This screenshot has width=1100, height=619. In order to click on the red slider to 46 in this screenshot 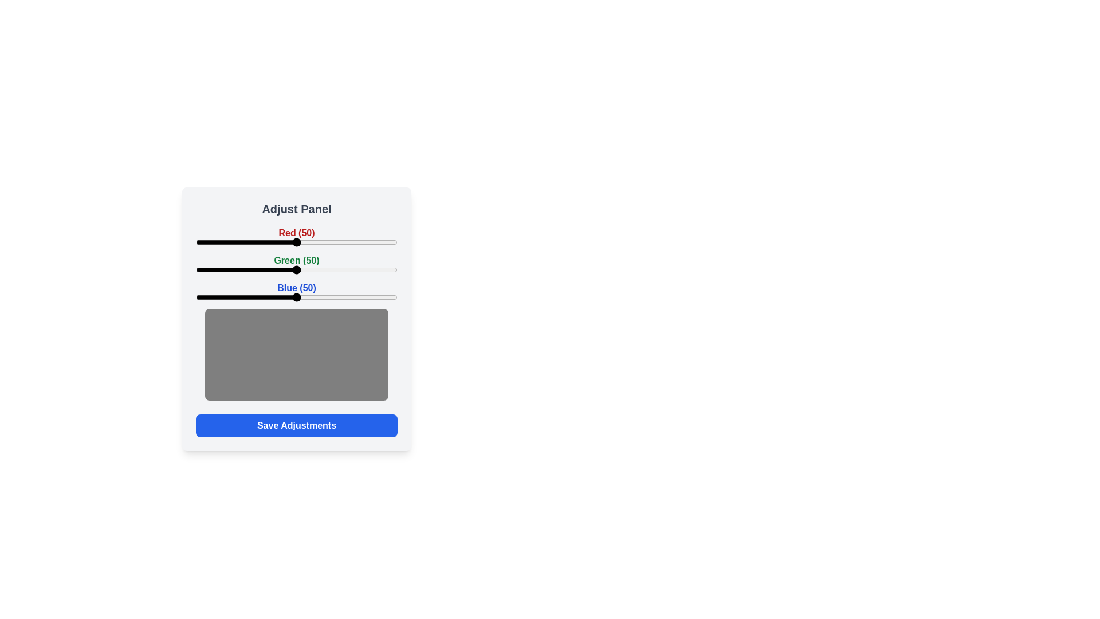, I will do `click(289, 242)`.